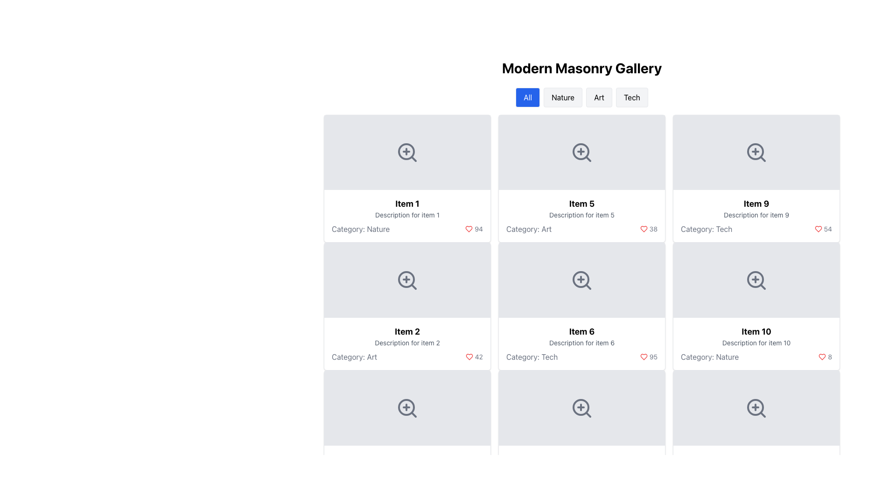 The height and width of the screenshot is (504, 896). What do you see at coordinates (756, 178) in the screenshot?
I see `the Card component displaying details about 'Item 9' in the third column and first row of the grid layout under 'Modern Masonry Gallery'` at bounding box center [756, 178].